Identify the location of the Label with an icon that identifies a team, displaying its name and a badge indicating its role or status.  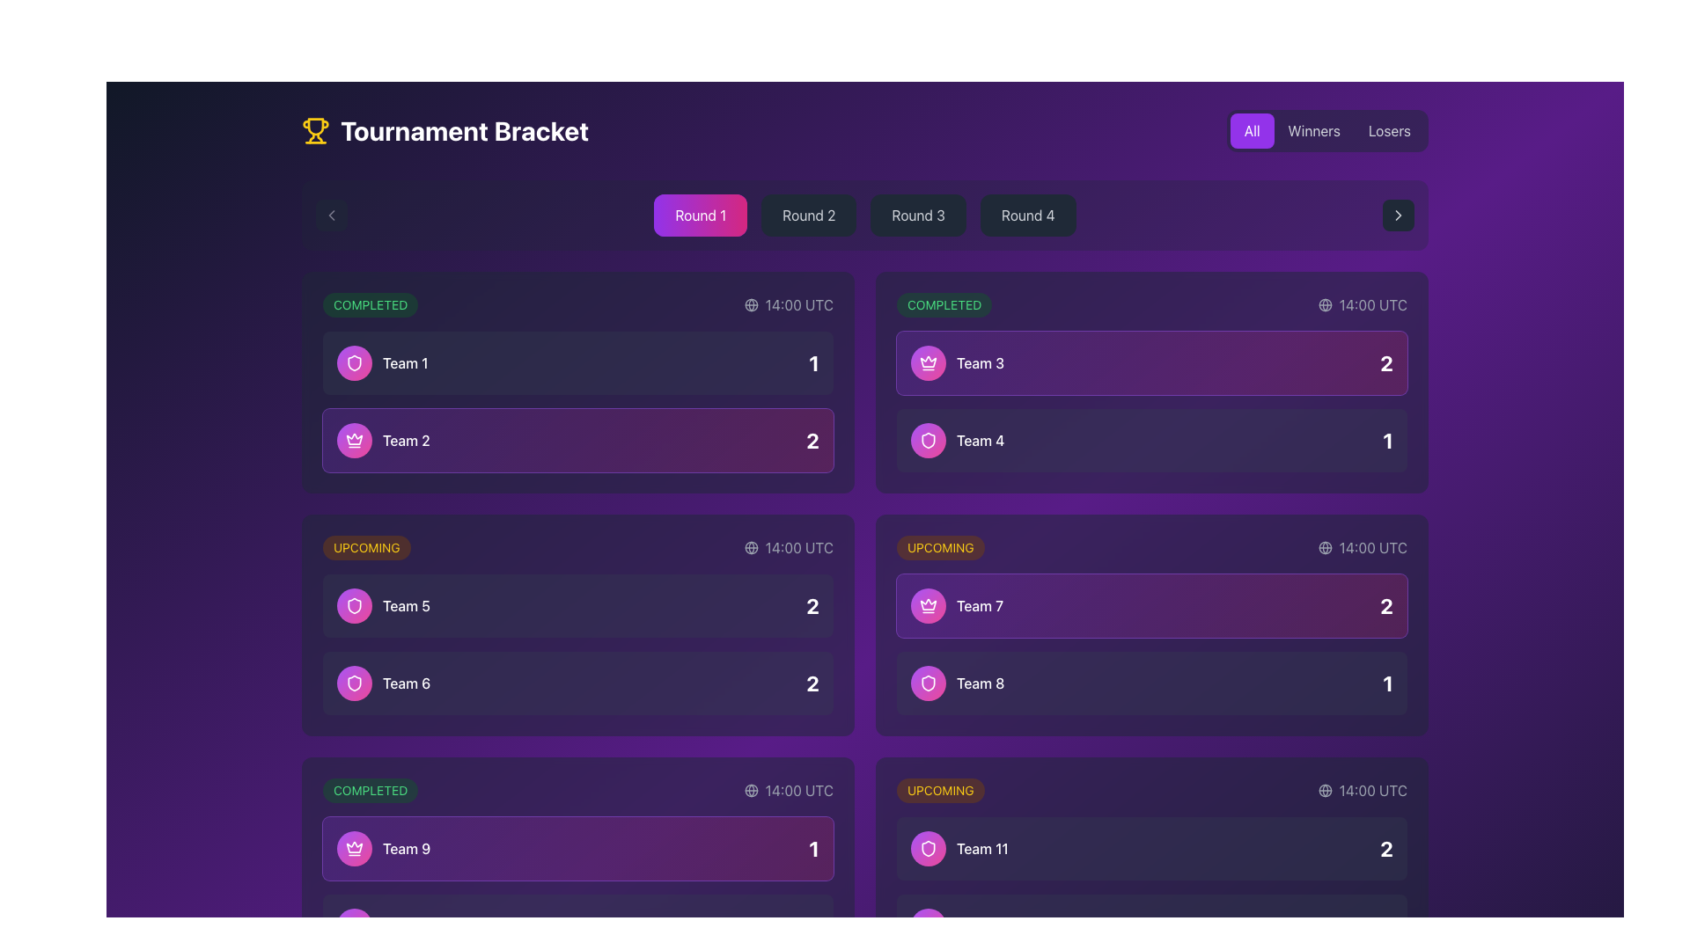
(382, 440).